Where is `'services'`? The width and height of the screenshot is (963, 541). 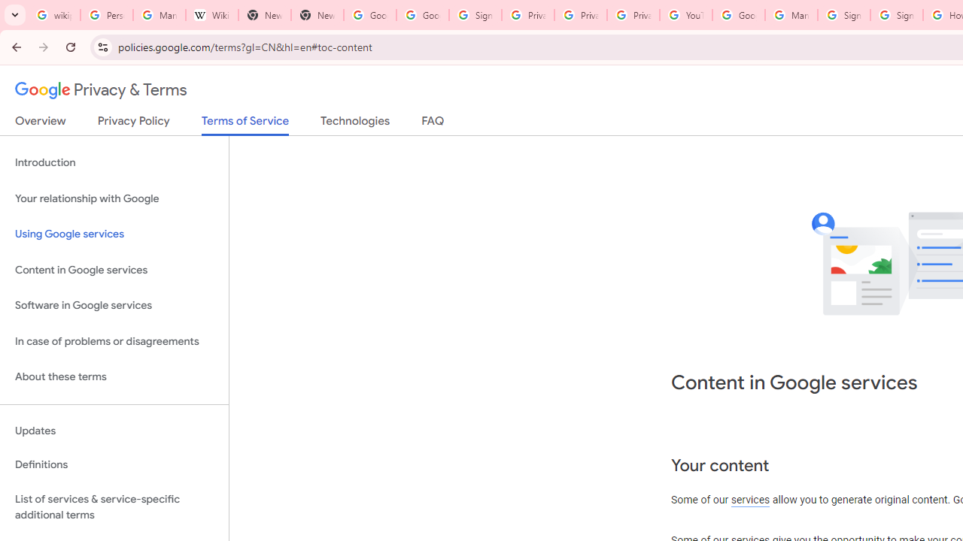 'services' is located at coordinates (750, 500).